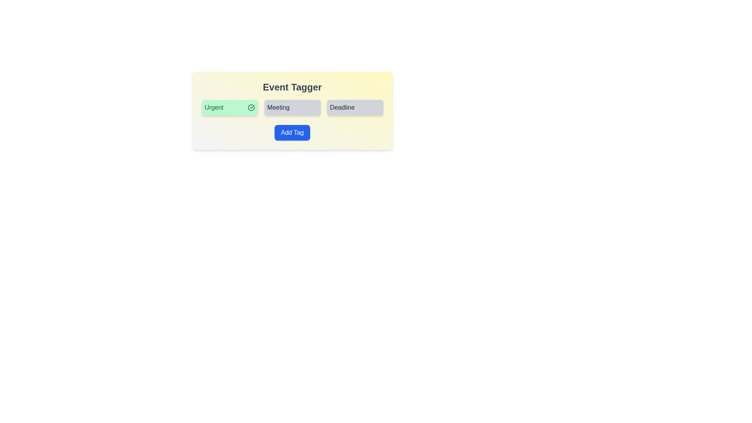  I want to click on the tag Deadline to toggle its state, so click(354, 107).